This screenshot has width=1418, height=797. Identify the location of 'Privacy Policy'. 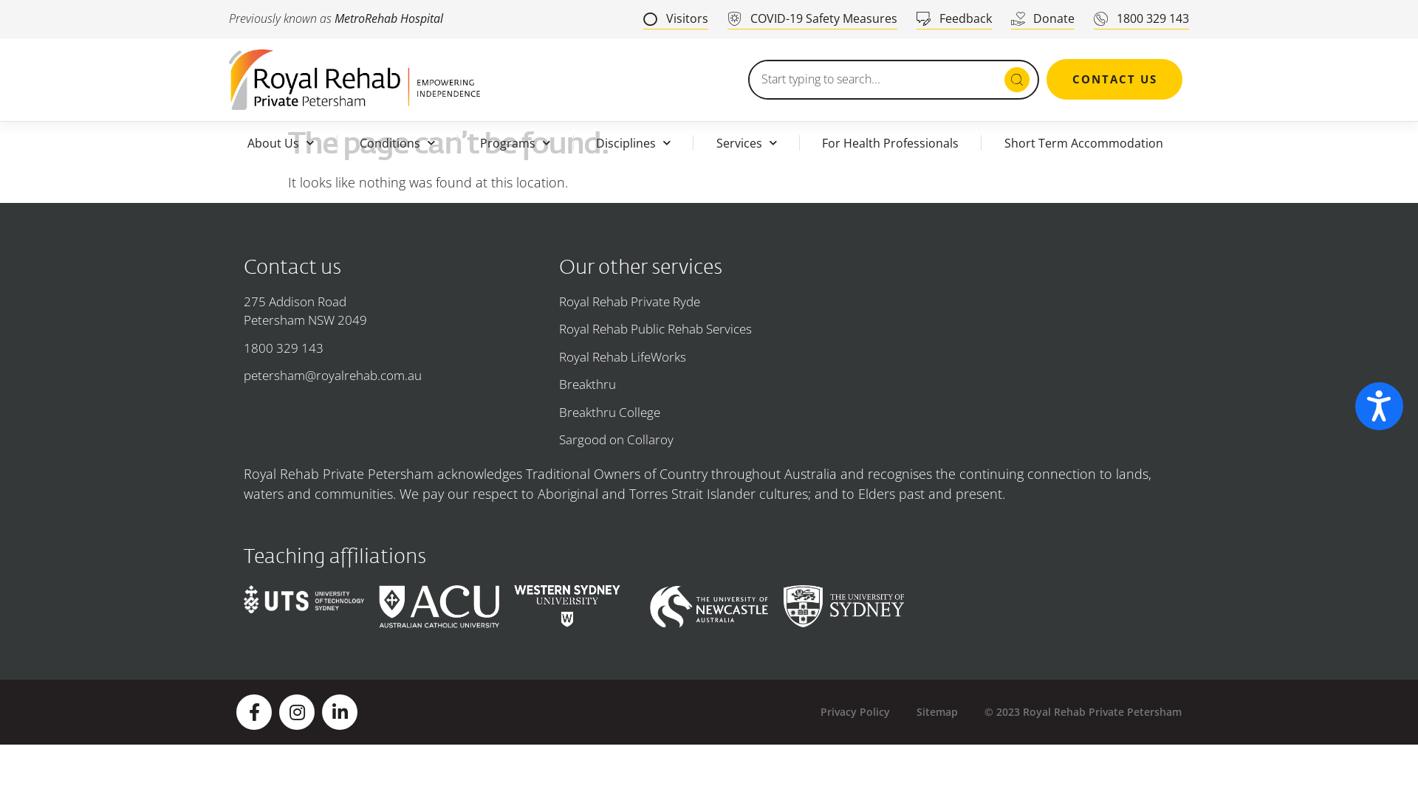
(854, 711).